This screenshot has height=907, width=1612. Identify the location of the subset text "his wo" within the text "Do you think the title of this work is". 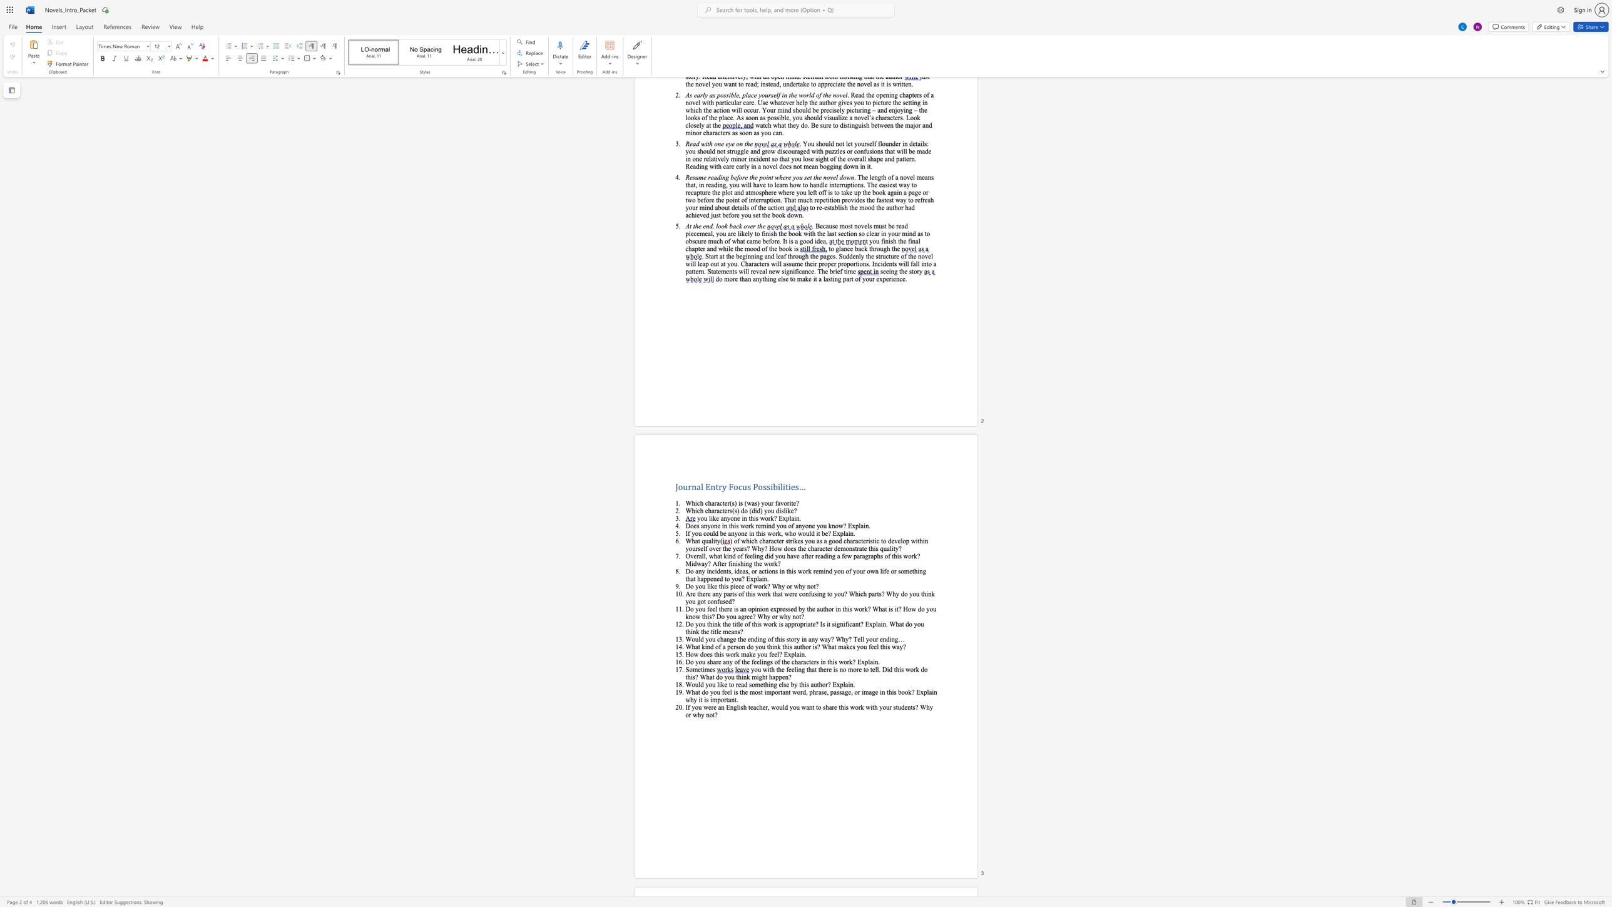
(753, 623).